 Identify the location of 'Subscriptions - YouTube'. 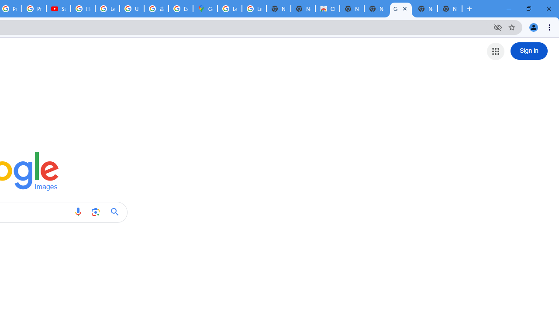
(58, 9).